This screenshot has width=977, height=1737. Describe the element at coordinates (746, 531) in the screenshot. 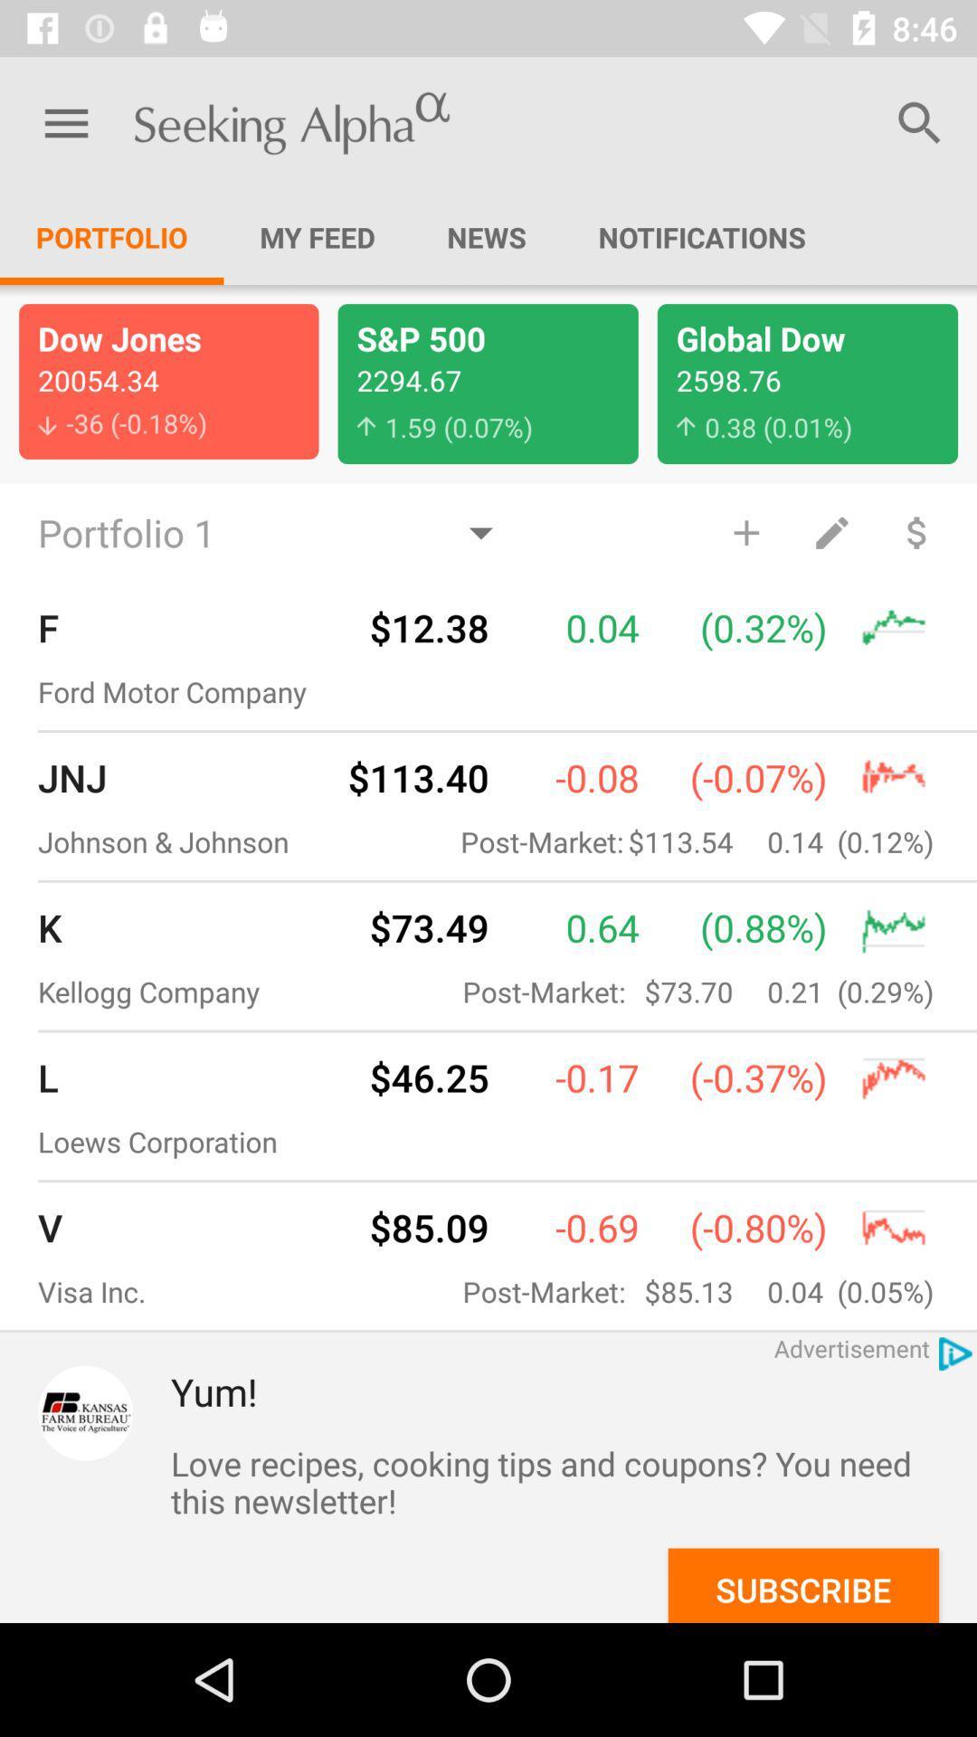

I see `the item below 0 38 0 item` at that location.